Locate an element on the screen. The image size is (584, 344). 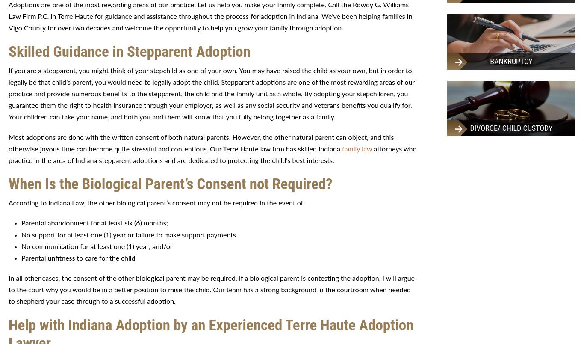
'BANKRUPTCY' is located at coordinates (490, 61).